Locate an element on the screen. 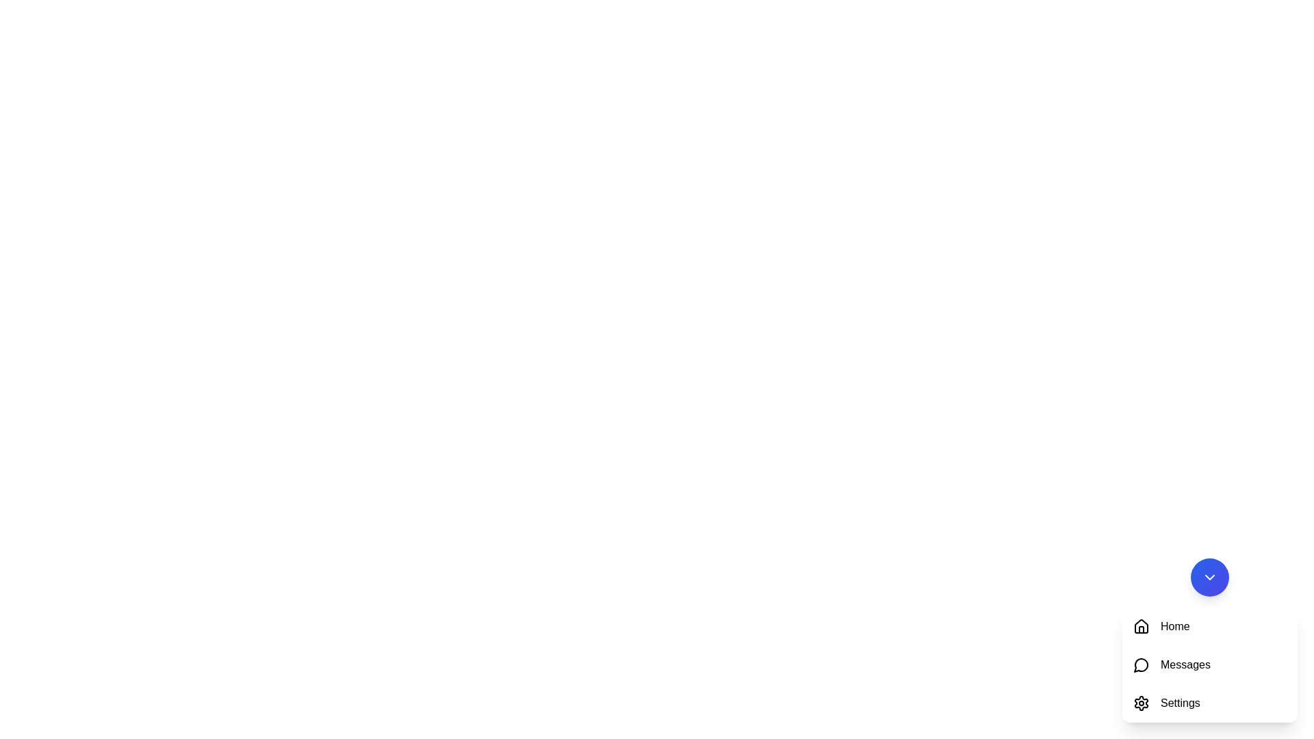 Image resolution: width=1314 pixels, height=739 pixels. the circular speech bubble icon in the navigation menu is located at coordinates (1141, 664).